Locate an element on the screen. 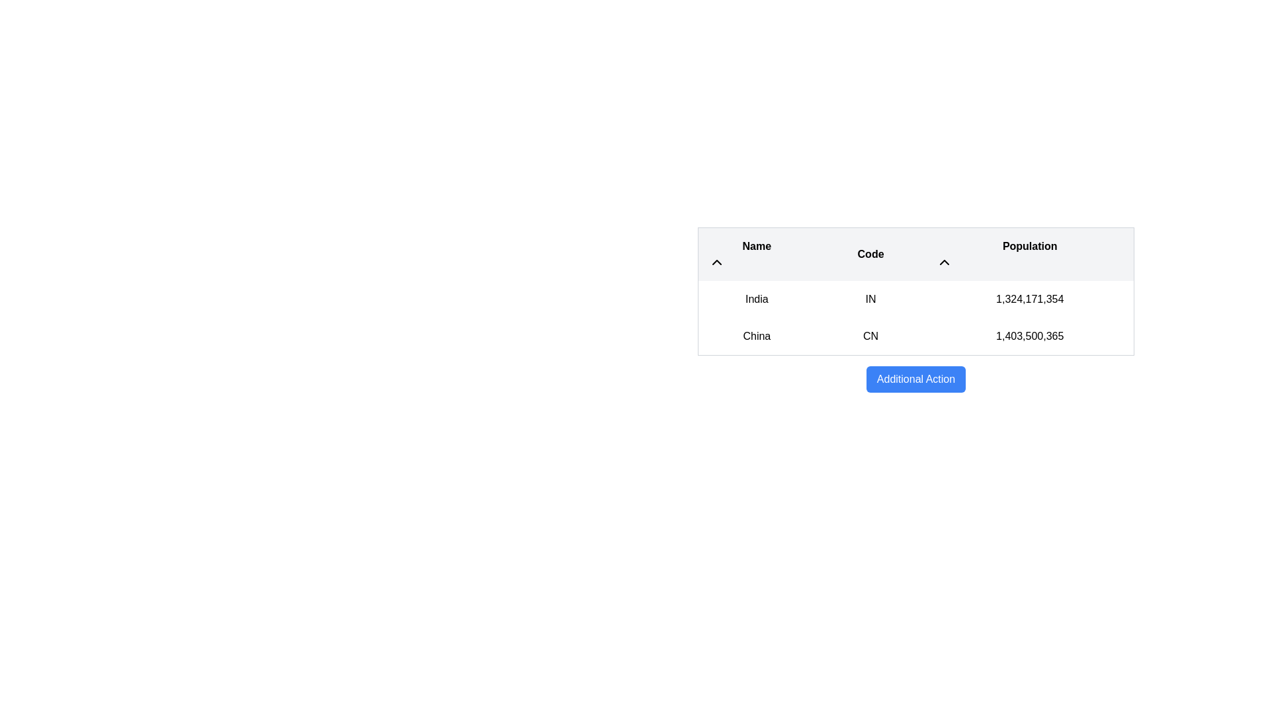  the 'Additional Action' button located directly below the table is located at coordinates (915, 379).